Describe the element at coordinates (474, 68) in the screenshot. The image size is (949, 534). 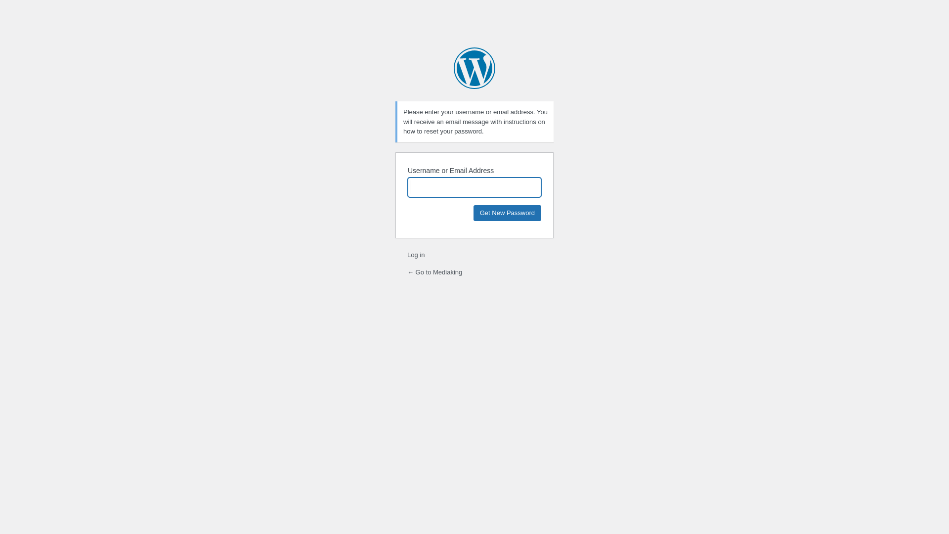
I see `'Powered by WordPress'` at that location.